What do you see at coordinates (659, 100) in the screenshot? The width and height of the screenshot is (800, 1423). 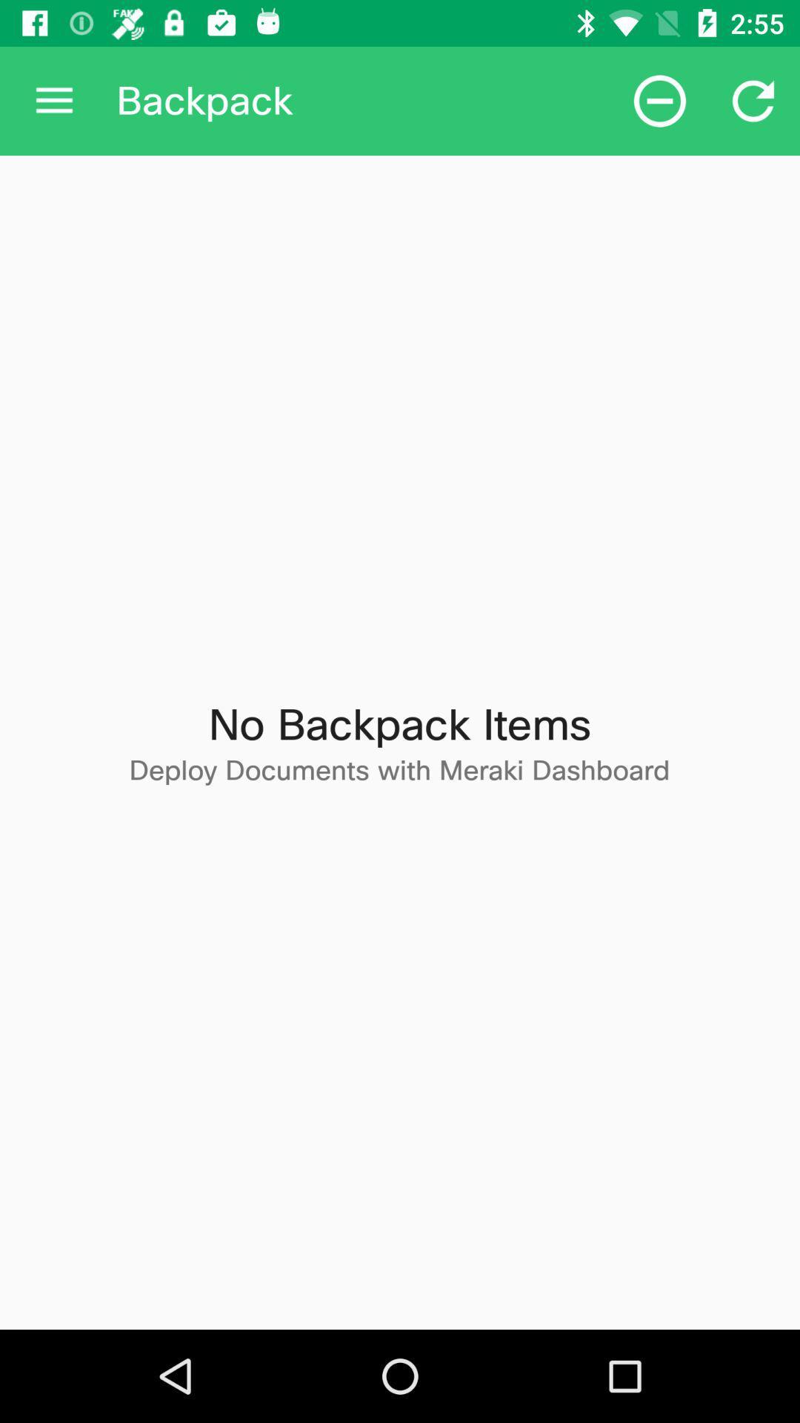 I see `the icon to the right of the backpack icon` at bounding box center [659, 100].